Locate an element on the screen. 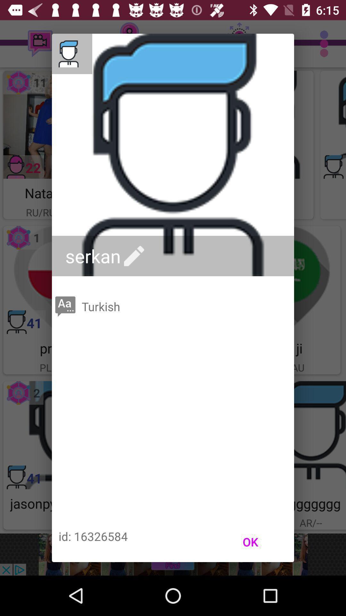  the serkan is located at coordinates (106, 255).